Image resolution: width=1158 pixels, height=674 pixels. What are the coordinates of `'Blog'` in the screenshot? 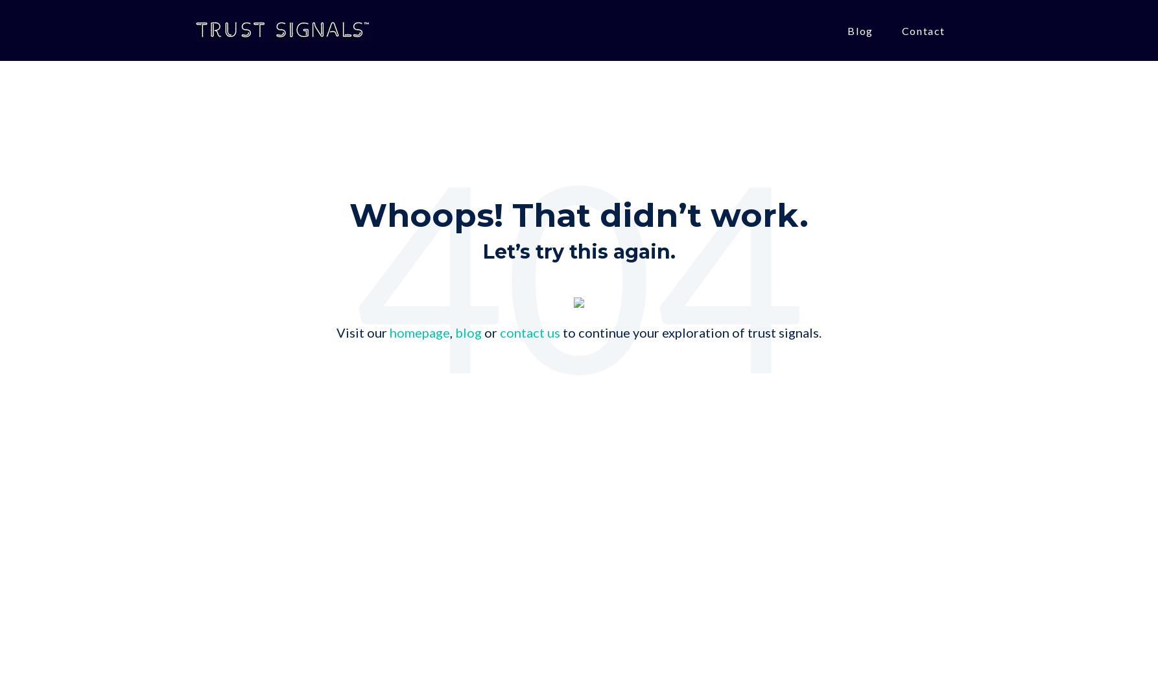 It's located at (860, 30).